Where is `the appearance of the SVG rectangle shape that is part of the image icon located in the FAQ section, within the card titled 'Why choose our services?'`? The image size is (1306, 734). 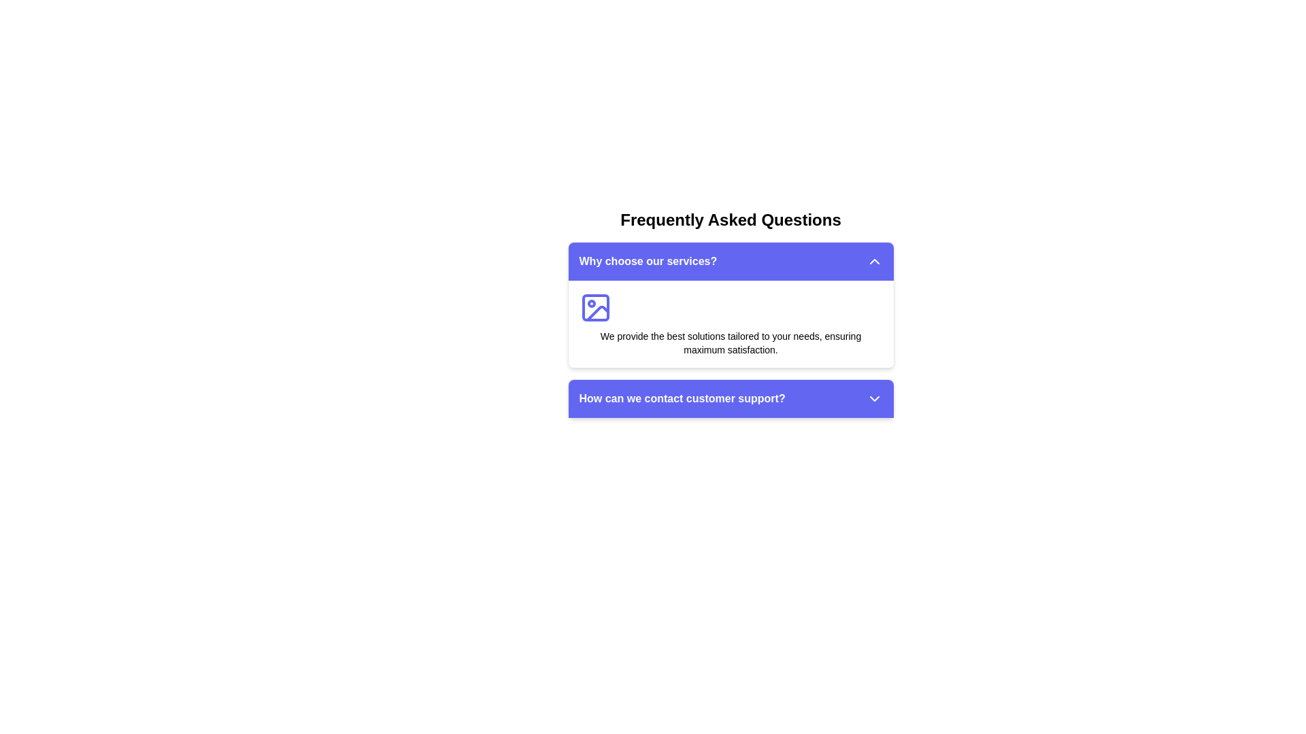 the appearance of the SVG rectangle shape that is part of the image icon located in the FAQ section, within the card titled 'Why choose our services?' is located at coordinates (595, 307).